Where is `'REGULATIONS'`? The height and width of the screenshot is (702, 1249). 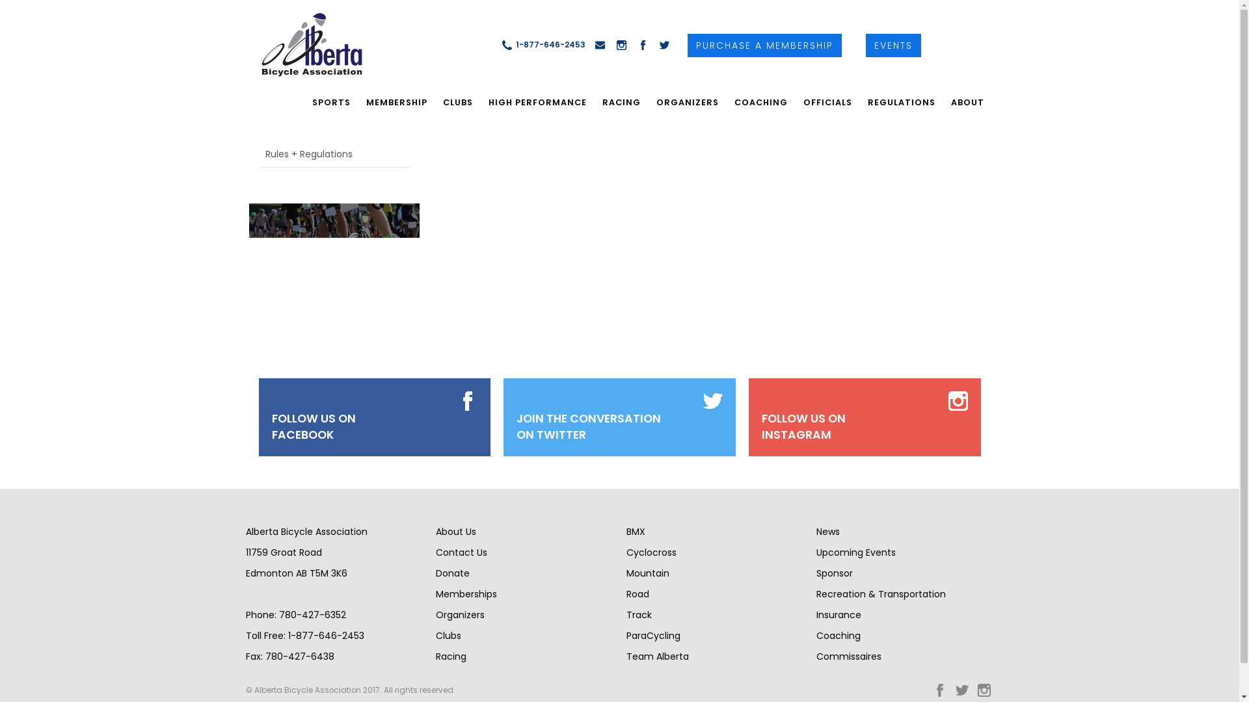 'REGULATIONS' is located at coordinates (901, 102).